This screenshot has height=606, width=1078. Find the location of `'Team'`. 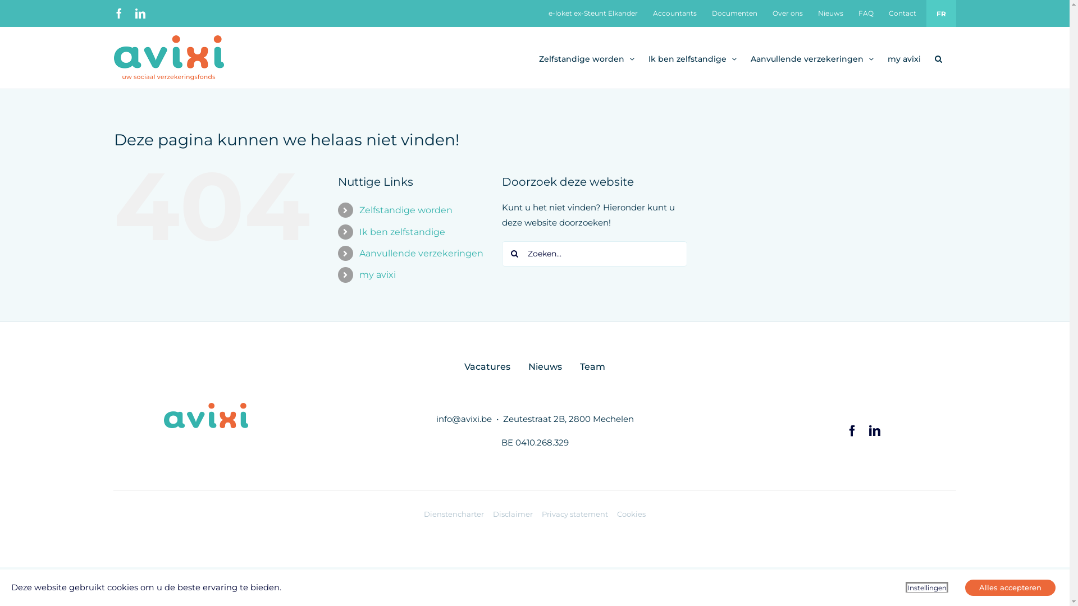

'Team' is located at coordinates (592, 367).